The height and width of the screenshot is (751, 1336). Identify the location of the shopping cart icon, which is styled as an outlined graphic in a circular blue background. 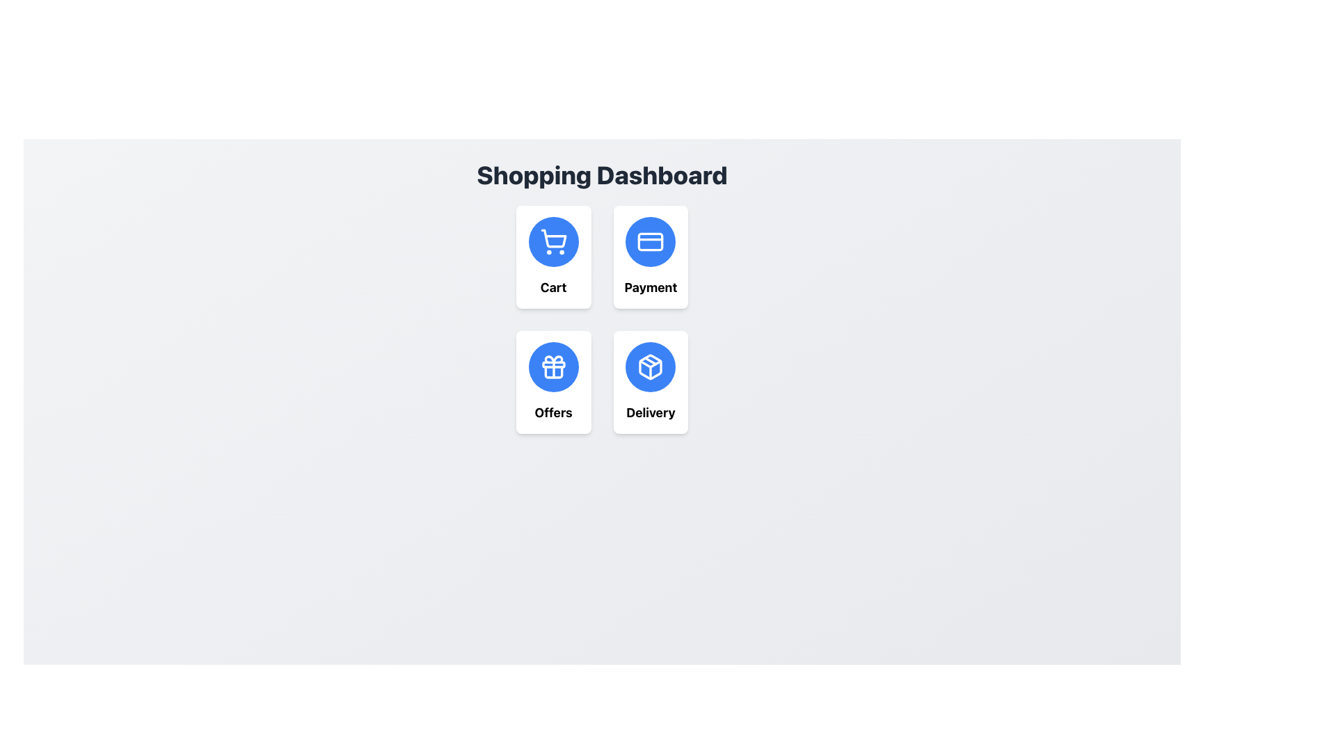
(552, 241).